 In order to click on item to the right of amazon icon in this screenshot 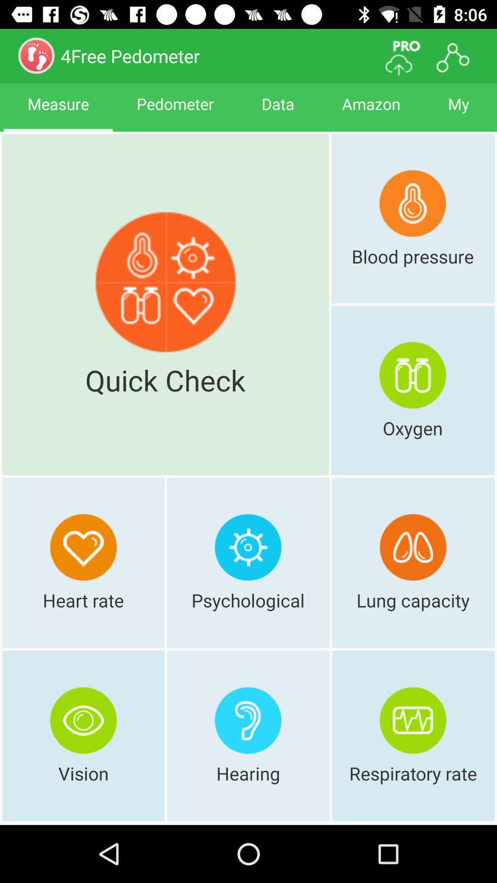, I will do `click(458, 112)`.